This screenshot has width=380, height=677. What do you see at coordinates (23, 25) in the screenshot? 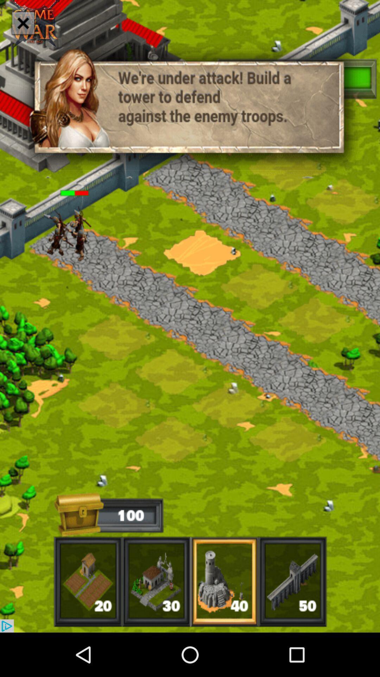
I see `the close icon` at bounding box center [23, 25].